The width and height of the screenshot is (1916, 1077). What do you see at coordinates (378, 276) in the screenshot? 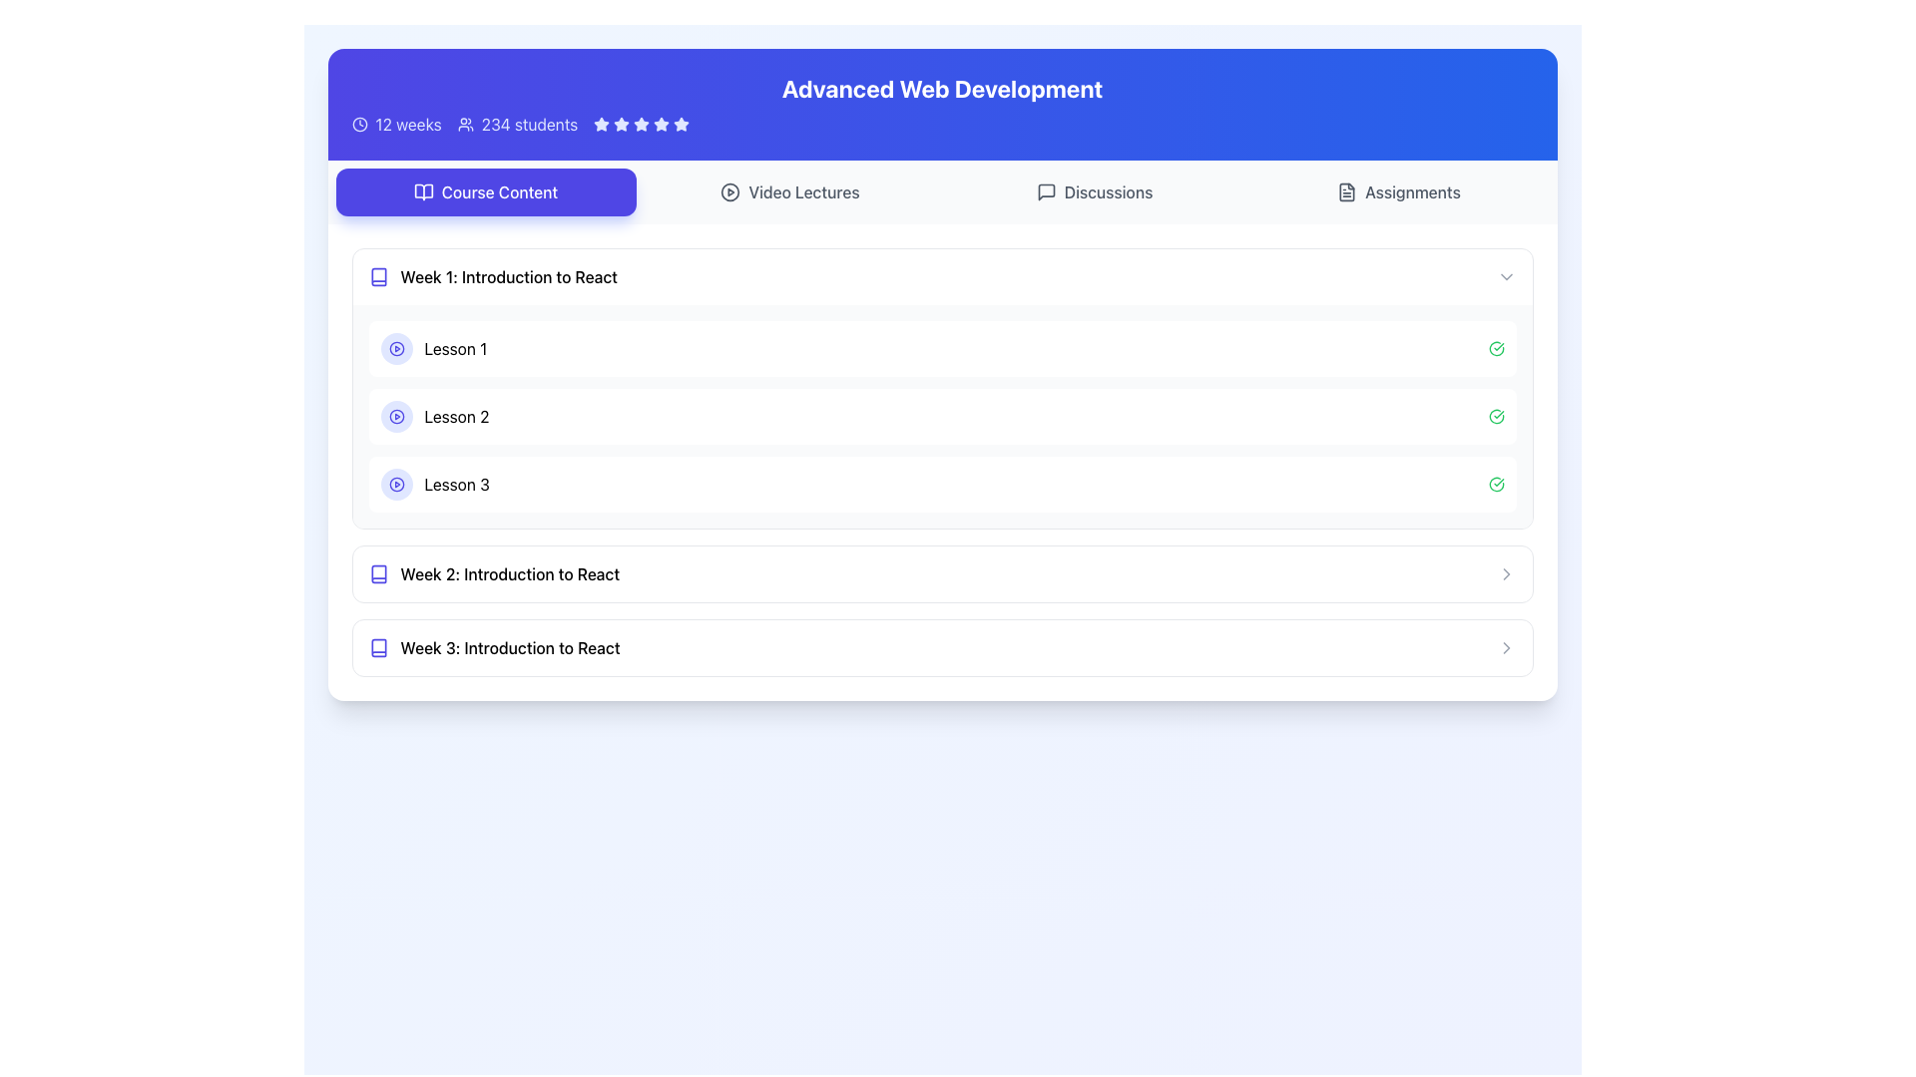
I see `the small indigo book icon located to the left of the 'Week 1: Introduction to React' text` at bounding box center [378, 276].